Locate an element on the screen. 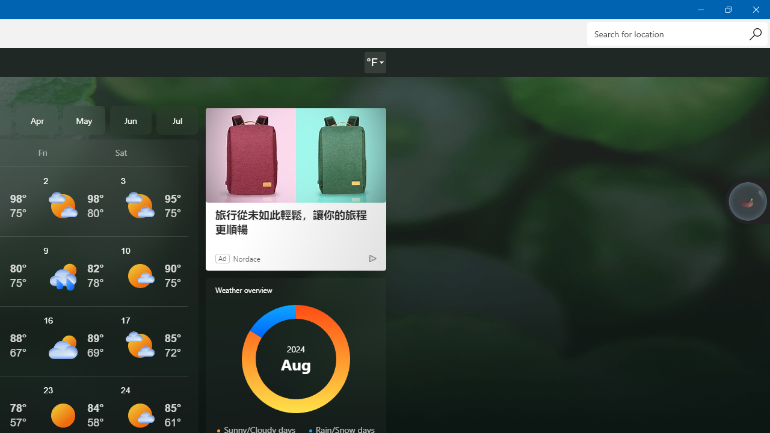 The image size is (770, 433). 'Search for location' is located at coordinates (677, 33).